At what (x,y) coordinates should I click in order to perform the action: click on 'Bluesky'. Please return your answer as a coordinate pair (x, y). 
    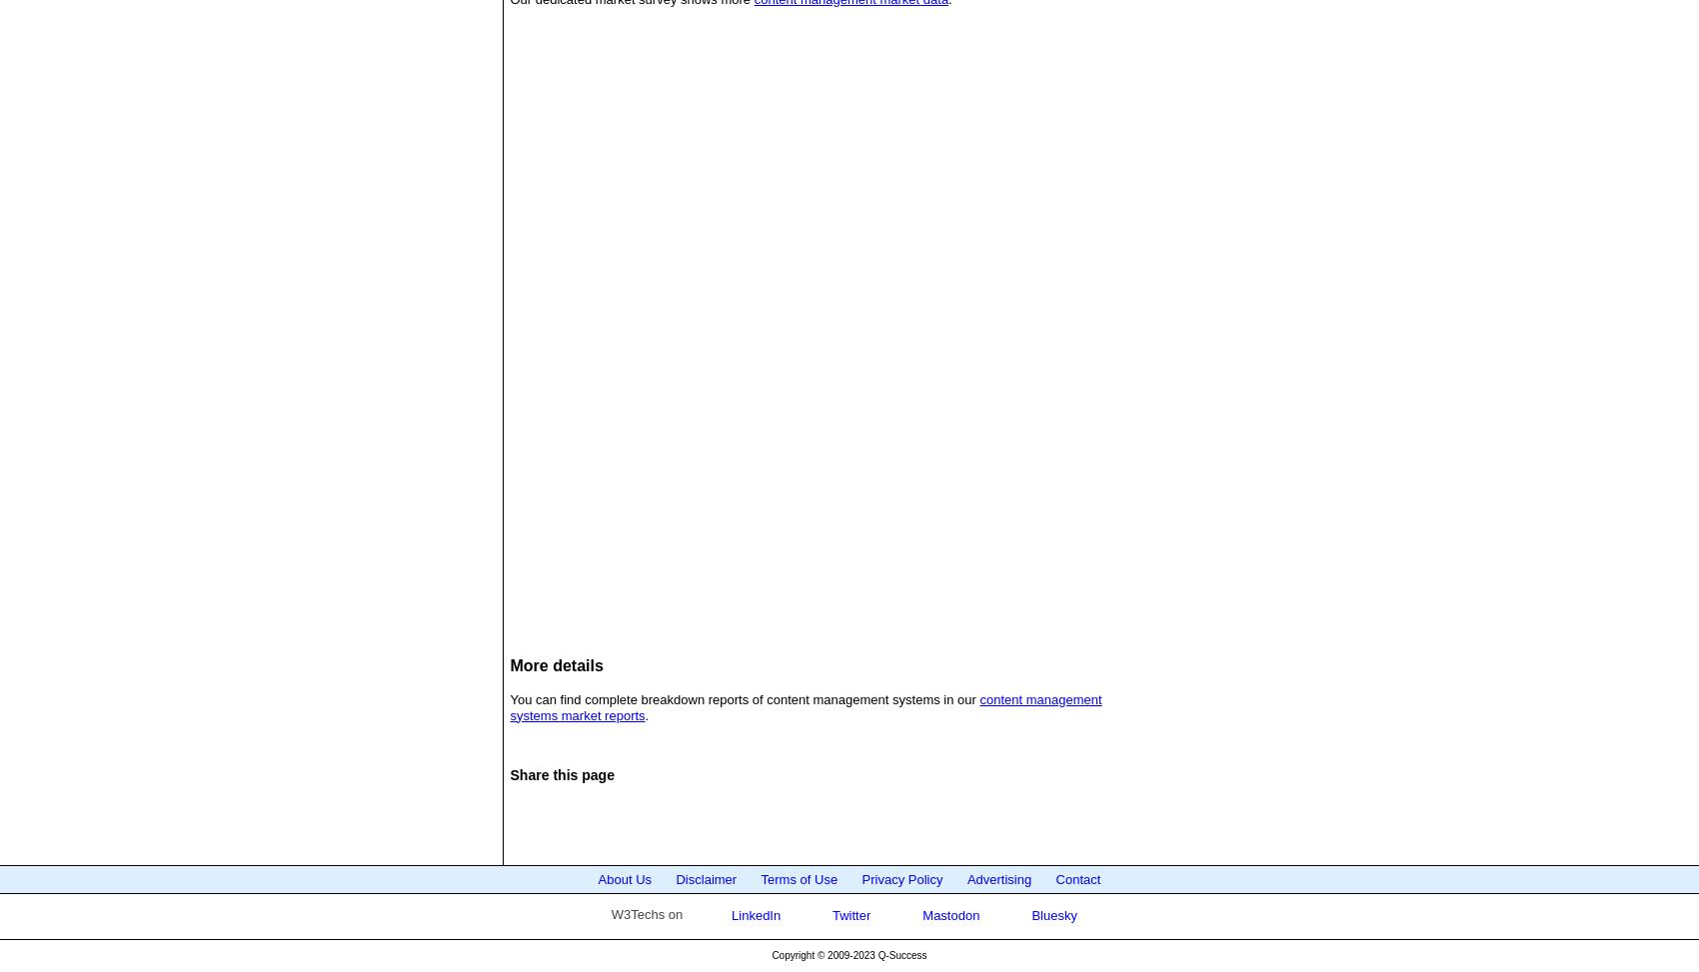
    Looking at the image, I should click on (1050, 913).